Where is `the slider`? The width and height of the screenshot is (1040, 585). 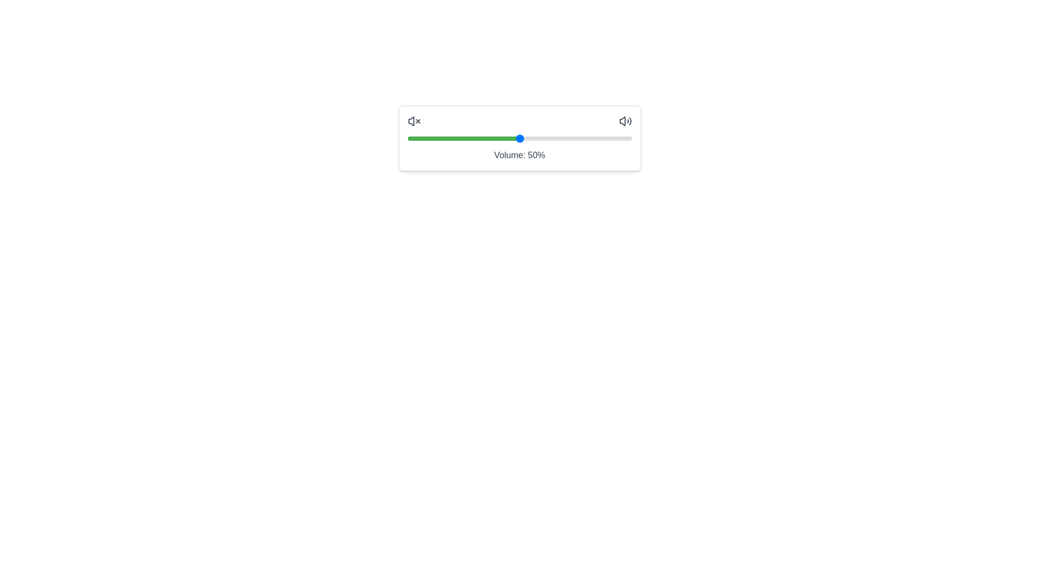
the slider is located at coordinates (544, 138).